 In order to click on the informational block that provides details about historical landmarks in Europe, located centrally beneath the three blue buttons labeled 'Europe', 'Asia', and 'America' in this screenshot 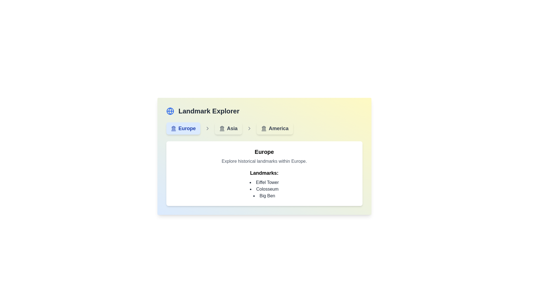, I will do `click(264, 156)`.